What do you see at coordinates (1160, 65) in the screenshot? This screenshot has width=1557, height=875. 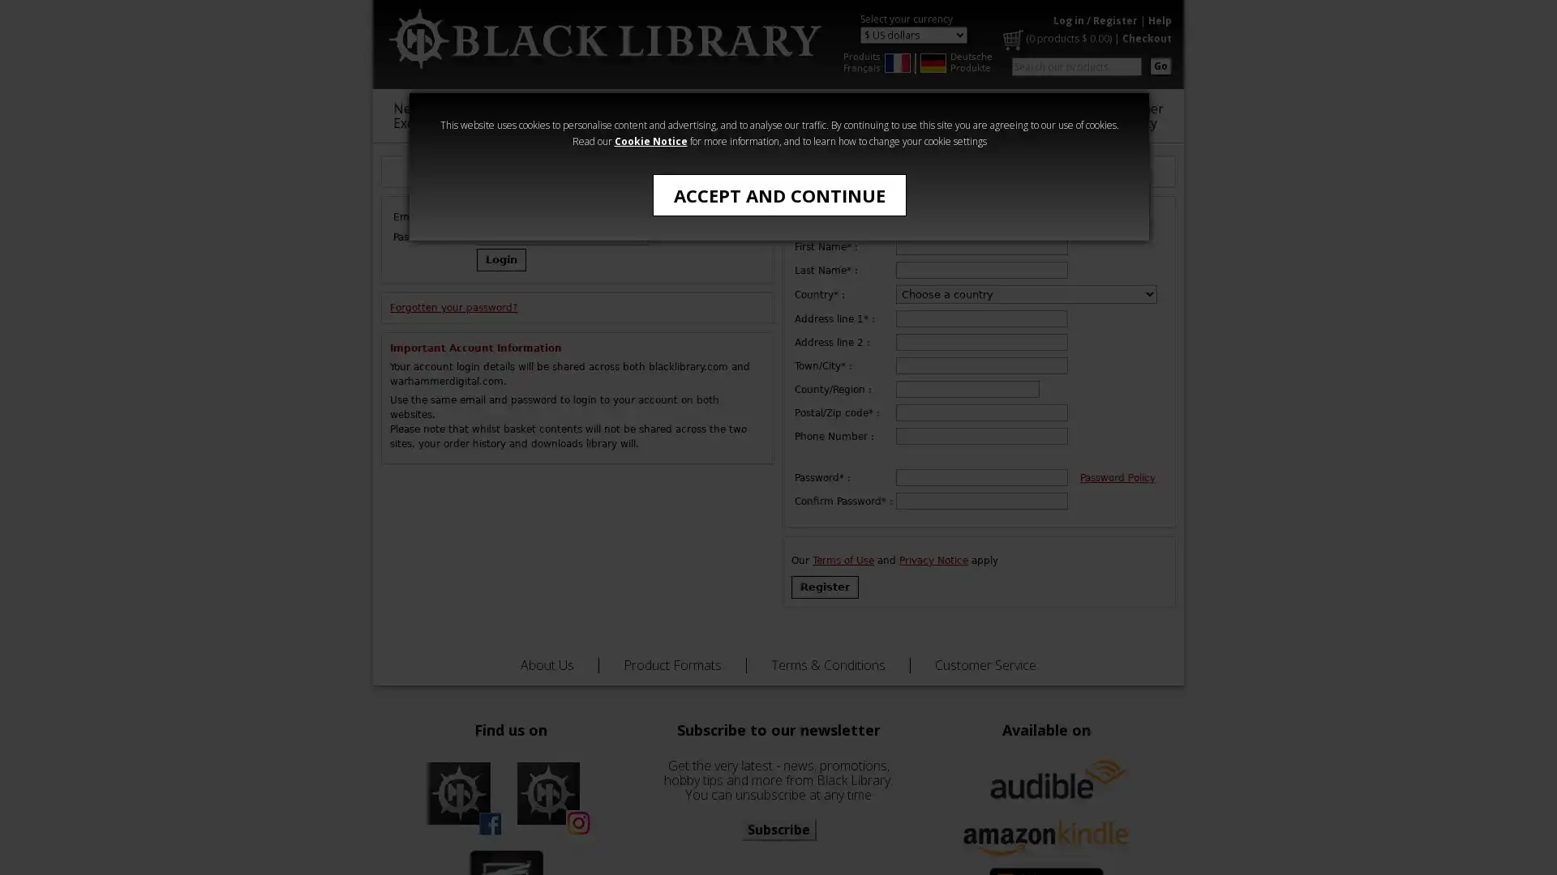 I see `Go` at bounding box center [1160, 65].